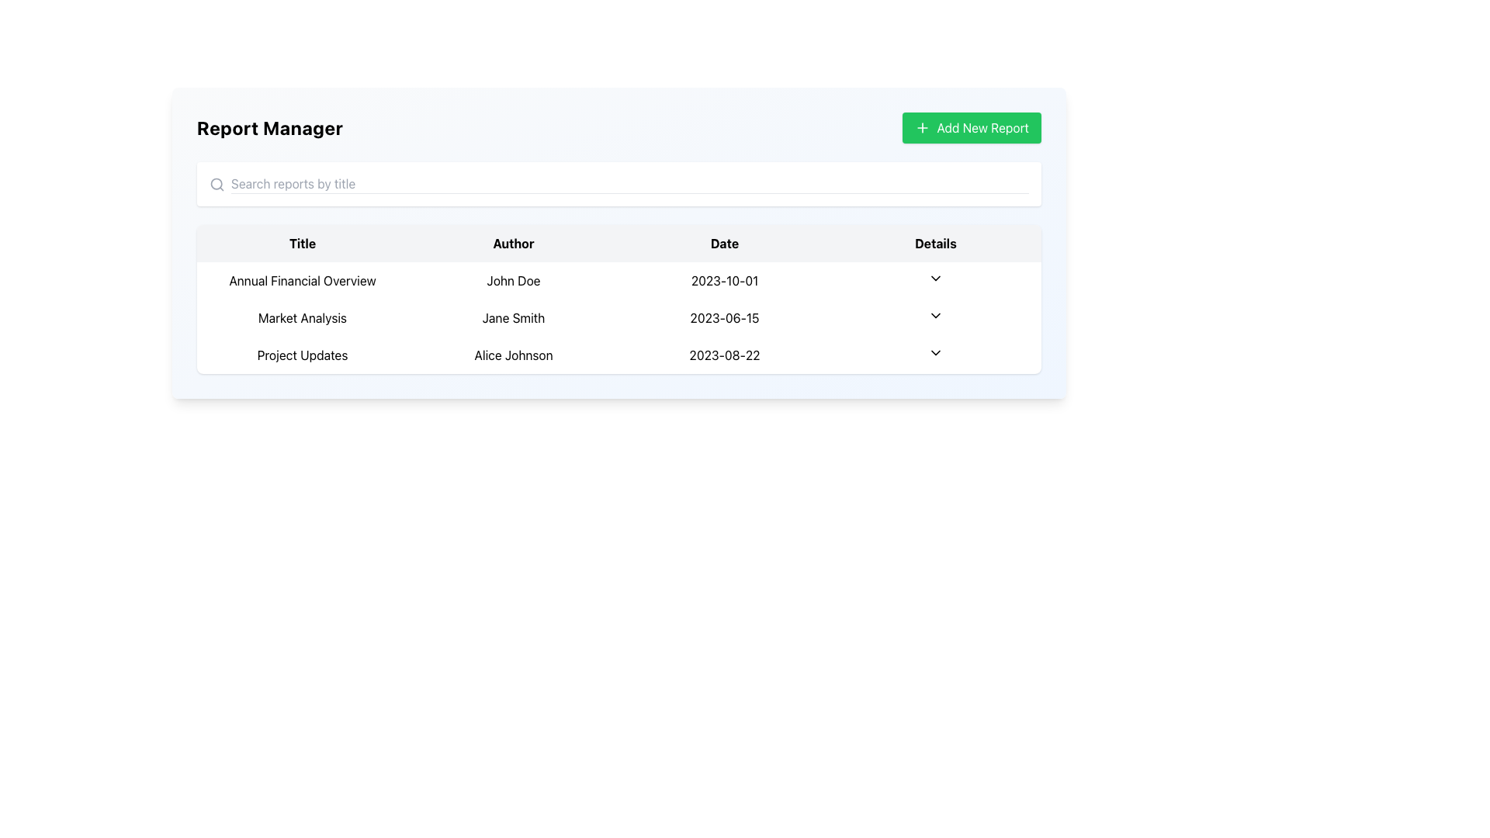  Describe the element at coordinates (934, 243) in the screenshot. I see `the 'Details' table header, which is the fourth column in a row of headers including 'Title', 'Author', and 'Date', positioned at the top-right of the table` at that location.